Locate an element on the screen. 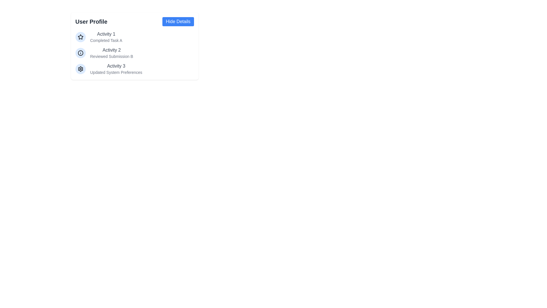 The width and height of the screenshot is (547, 308). the 'Activity 3' SVG graphical icon located to the left of the 'Activity 3' text in the 'User Profile' card is located at coordinates (80, 69).